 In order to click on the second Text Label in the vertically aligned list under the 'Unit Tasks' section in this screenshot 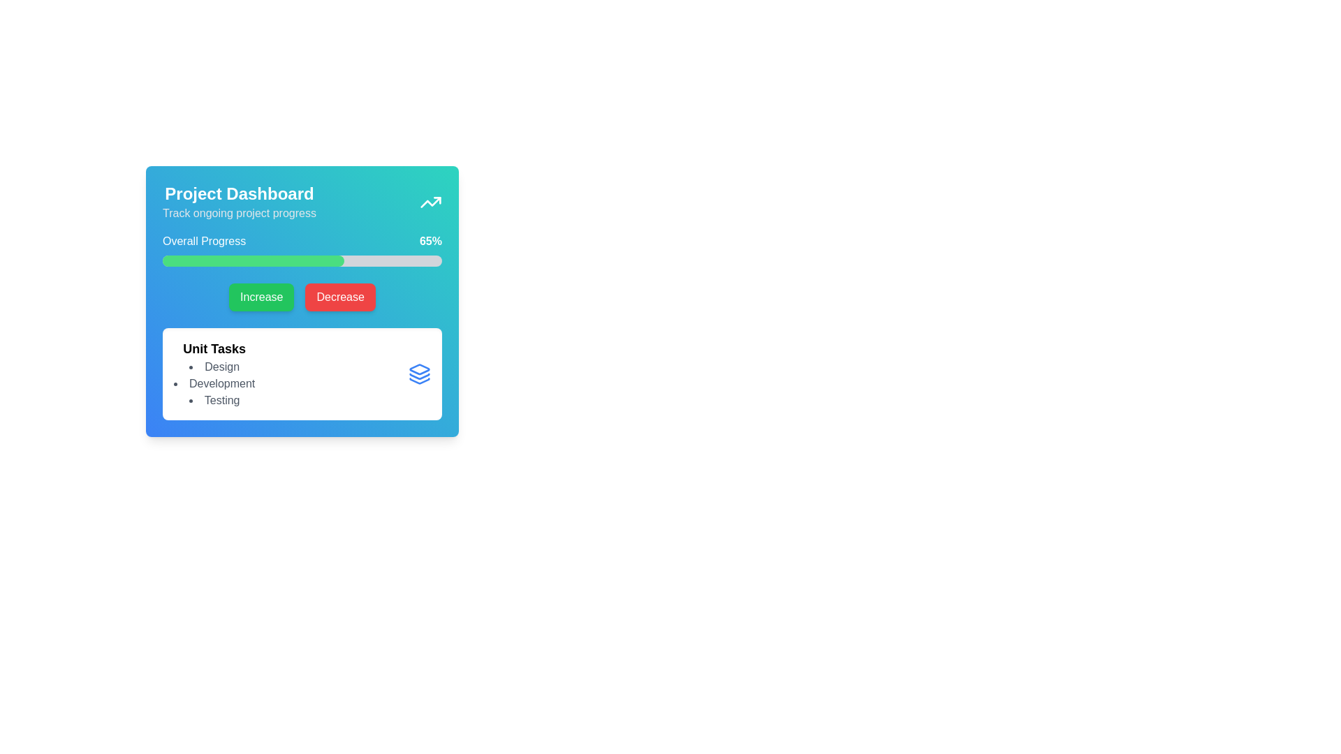, I will do `click(214, 384)`.